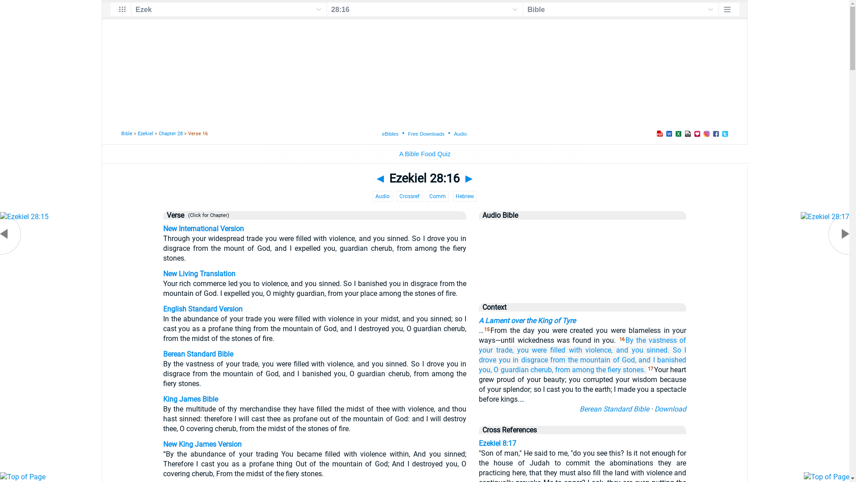 This screenshot has height=482, width=856. Describe the element at coordinates (383, 195) in the screenshot. I see `' Audio '` at that location.